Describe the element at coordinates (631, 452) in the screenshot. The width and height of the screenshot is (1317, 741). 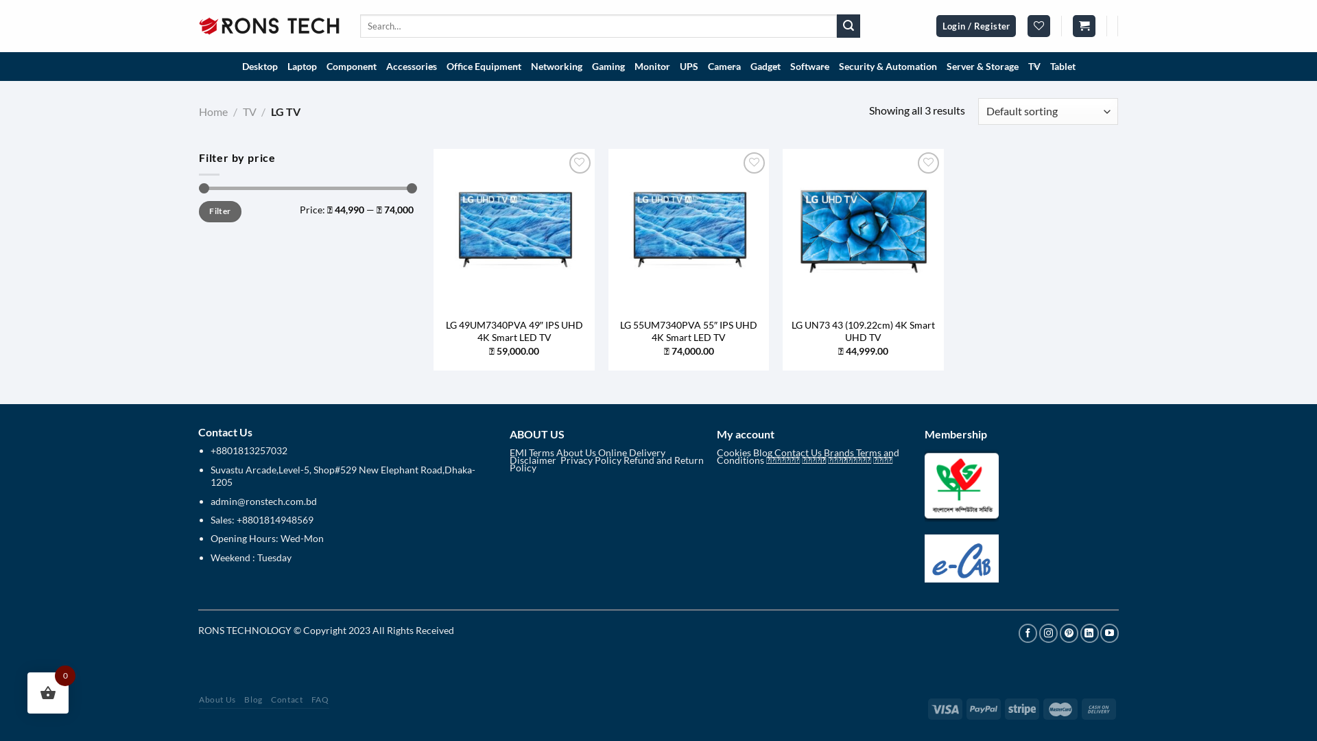
I see `'Online Delivery'` at that location.